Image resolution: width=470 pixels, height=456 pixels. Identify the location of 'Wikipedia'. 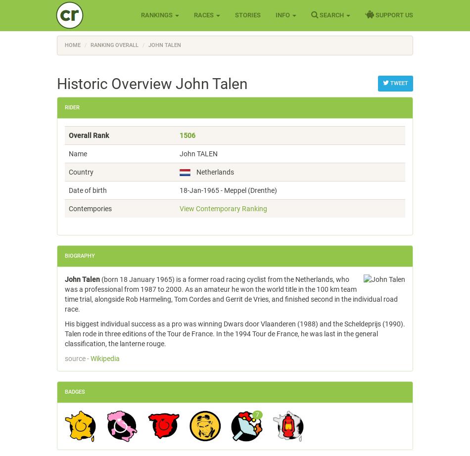
(105, 358).